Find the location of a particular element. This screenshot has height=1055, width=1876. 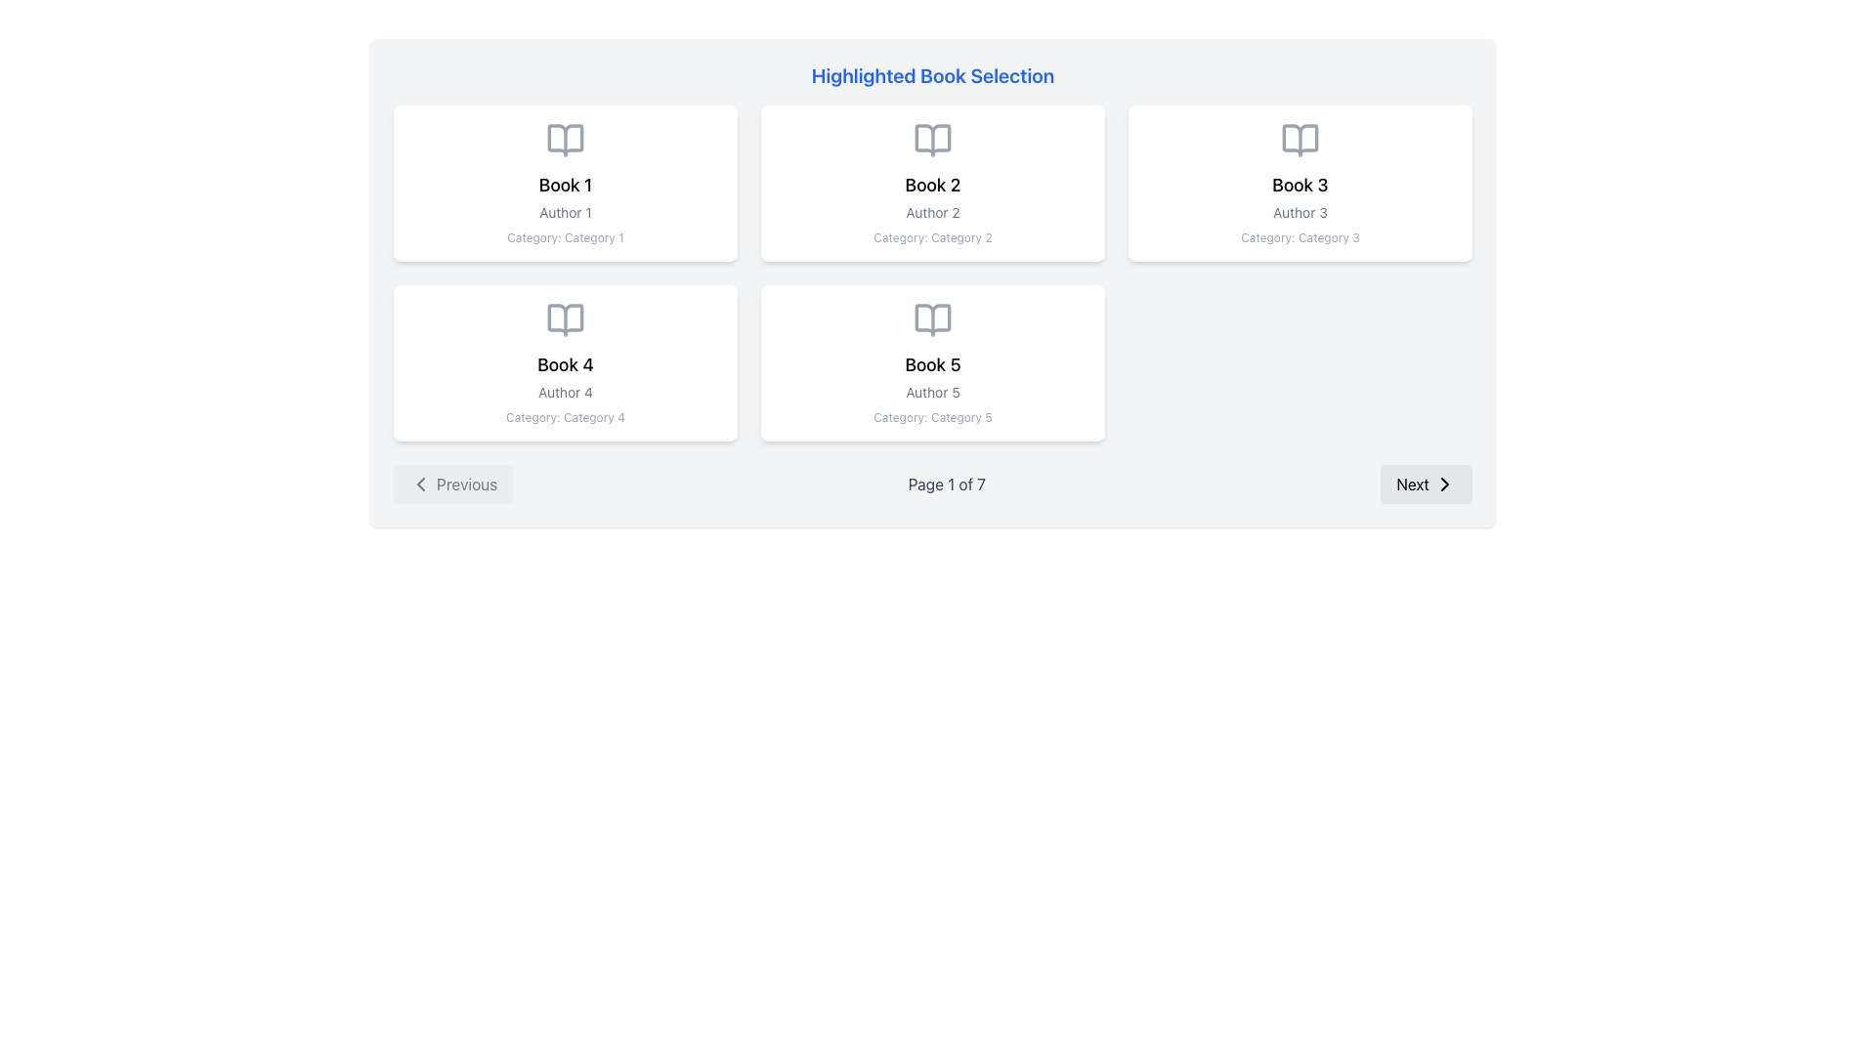

the 'Previous' button in the bottom navigation bar, which is adjacent to the 'Page 1 of 7' text and the 'Next' button is located at coordinates (452, 484).